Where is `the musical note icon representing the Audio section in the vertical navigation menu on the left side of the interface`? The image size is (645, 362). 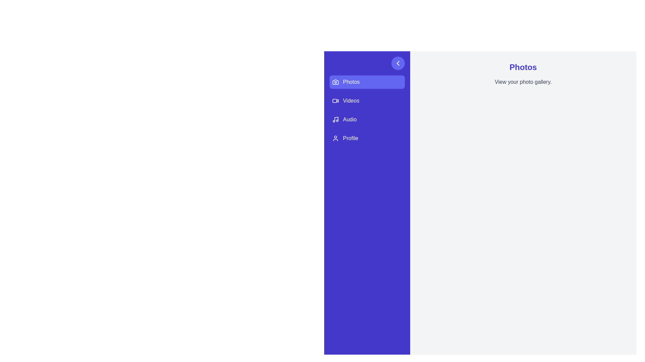 the musical note icon representing the Audio section in the vertical navigation menu on the left side of the interface is located at coordinates (336, 119).